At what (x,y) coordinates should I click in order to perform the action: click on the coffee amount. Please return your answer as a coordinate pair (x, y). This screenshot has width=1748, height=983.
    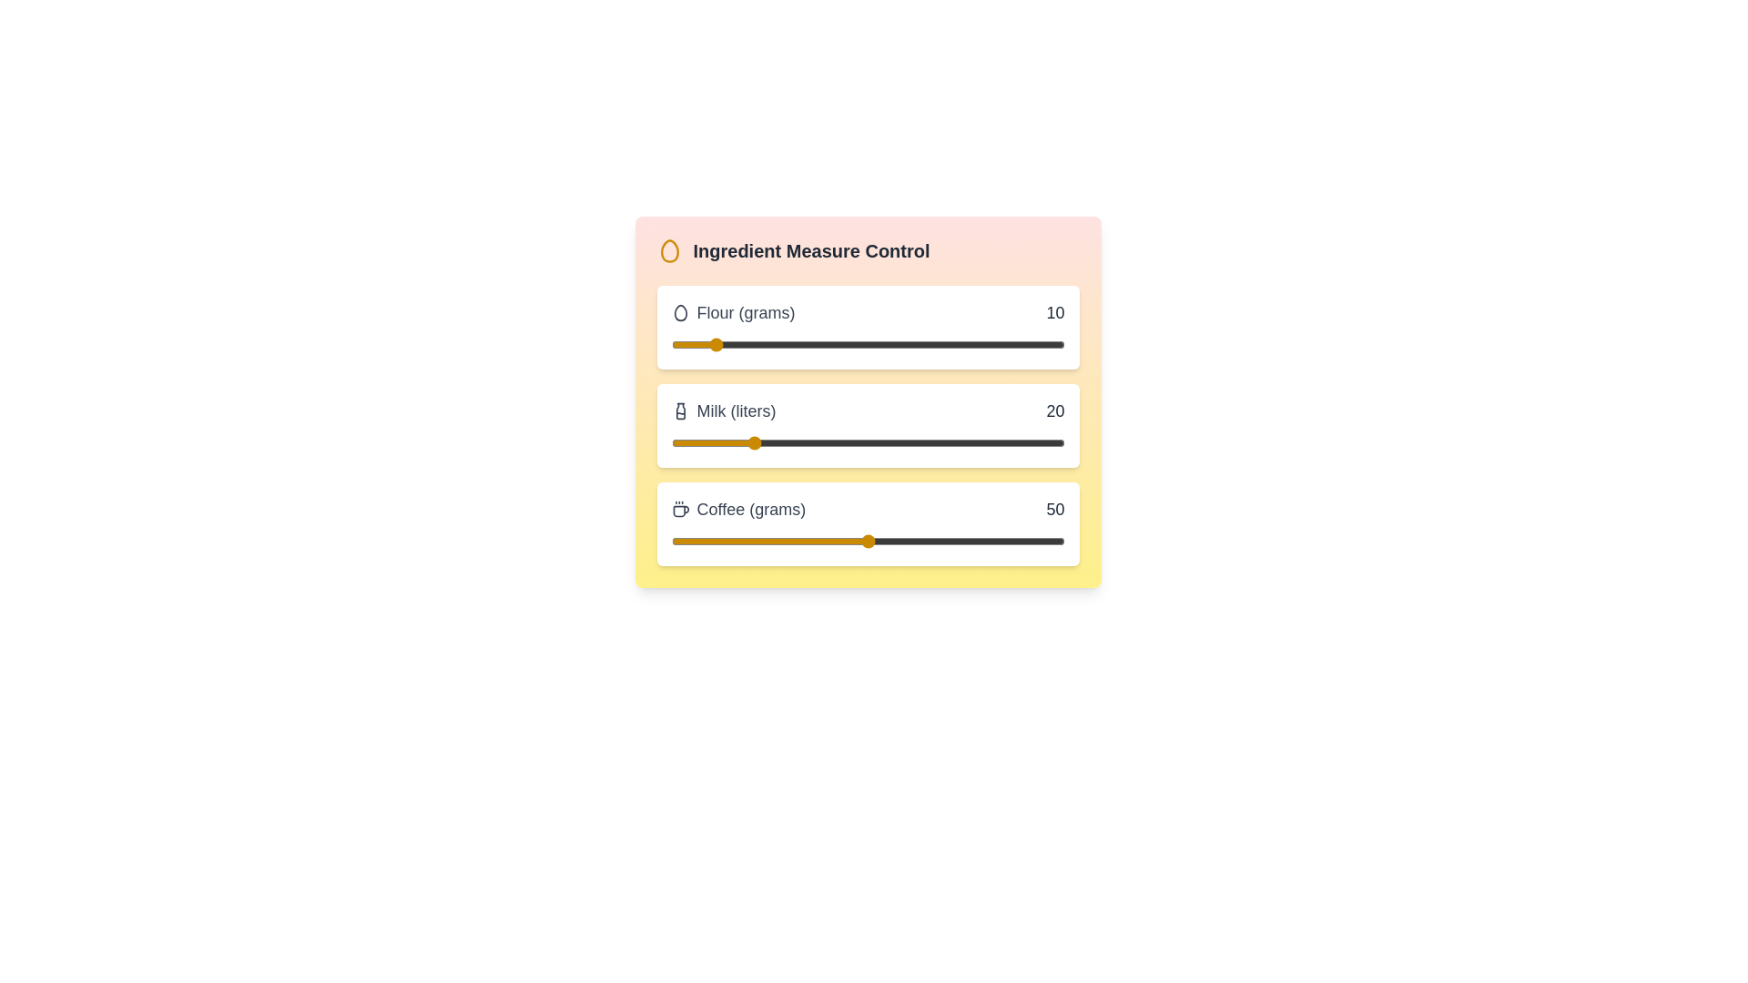
    Looking at the image, I should click on (879, 540).